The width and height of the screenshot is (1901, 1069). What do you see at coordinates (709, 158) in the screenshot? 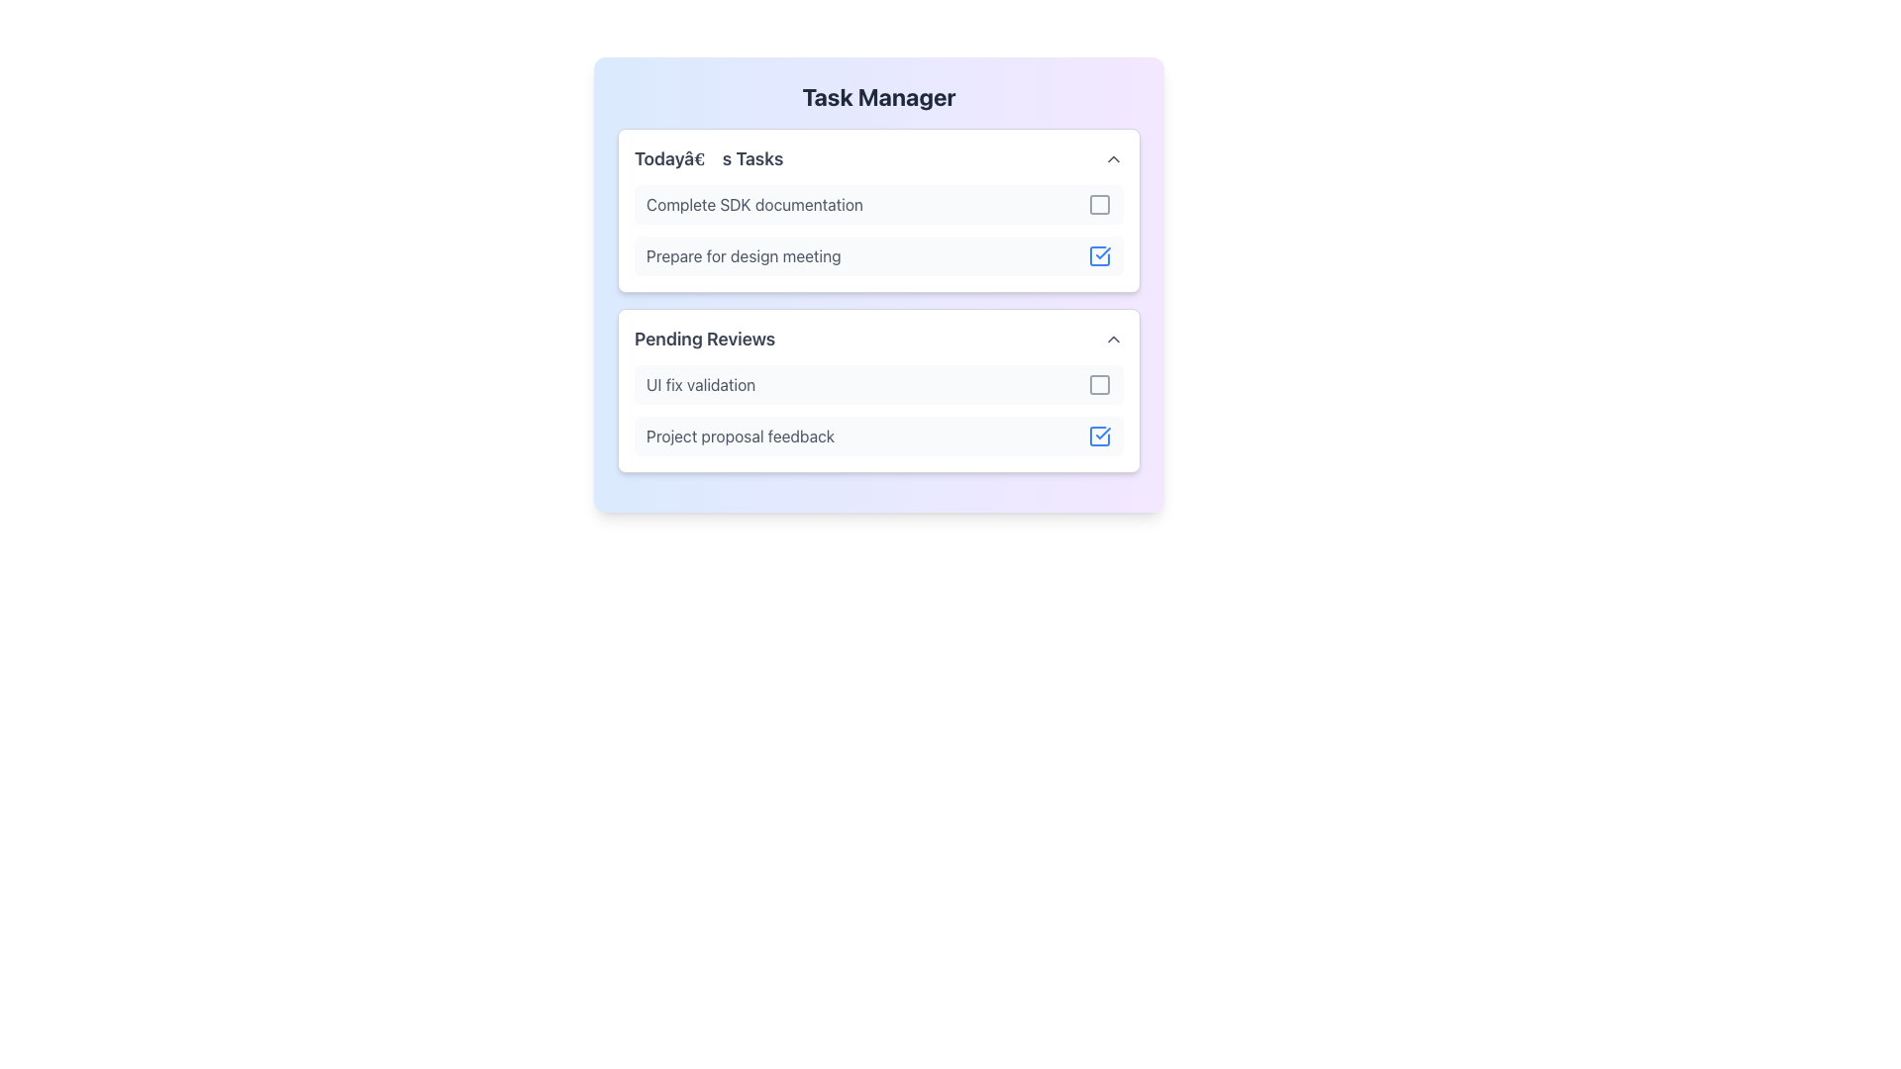
I see `the text label that serves as the heading for the tasks listed in the first card under the 'Task Manager' heading` at bounding box center [709, 158].